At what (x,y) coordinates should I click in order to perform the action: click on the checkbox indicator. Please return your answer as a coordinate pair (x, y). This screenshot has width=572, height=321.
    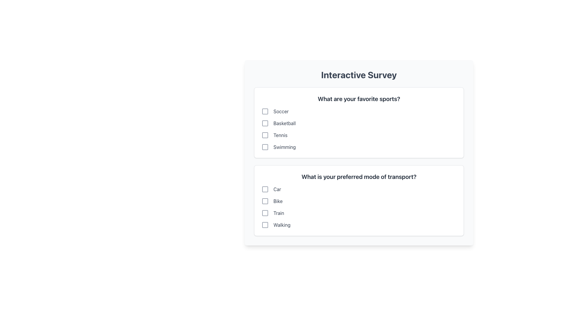
    Looking at the image, I should click on (265, 123).